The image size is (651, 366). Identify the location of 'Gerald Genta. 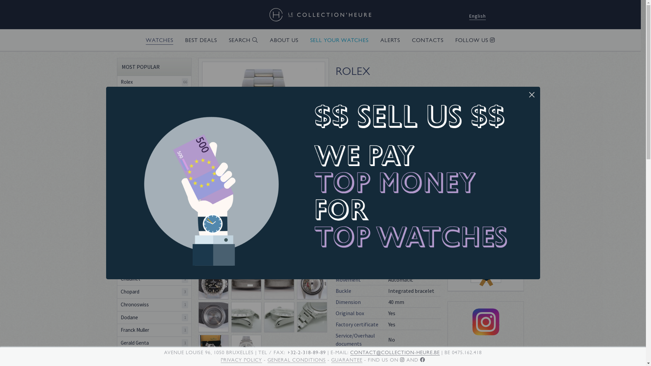
(154, 343).